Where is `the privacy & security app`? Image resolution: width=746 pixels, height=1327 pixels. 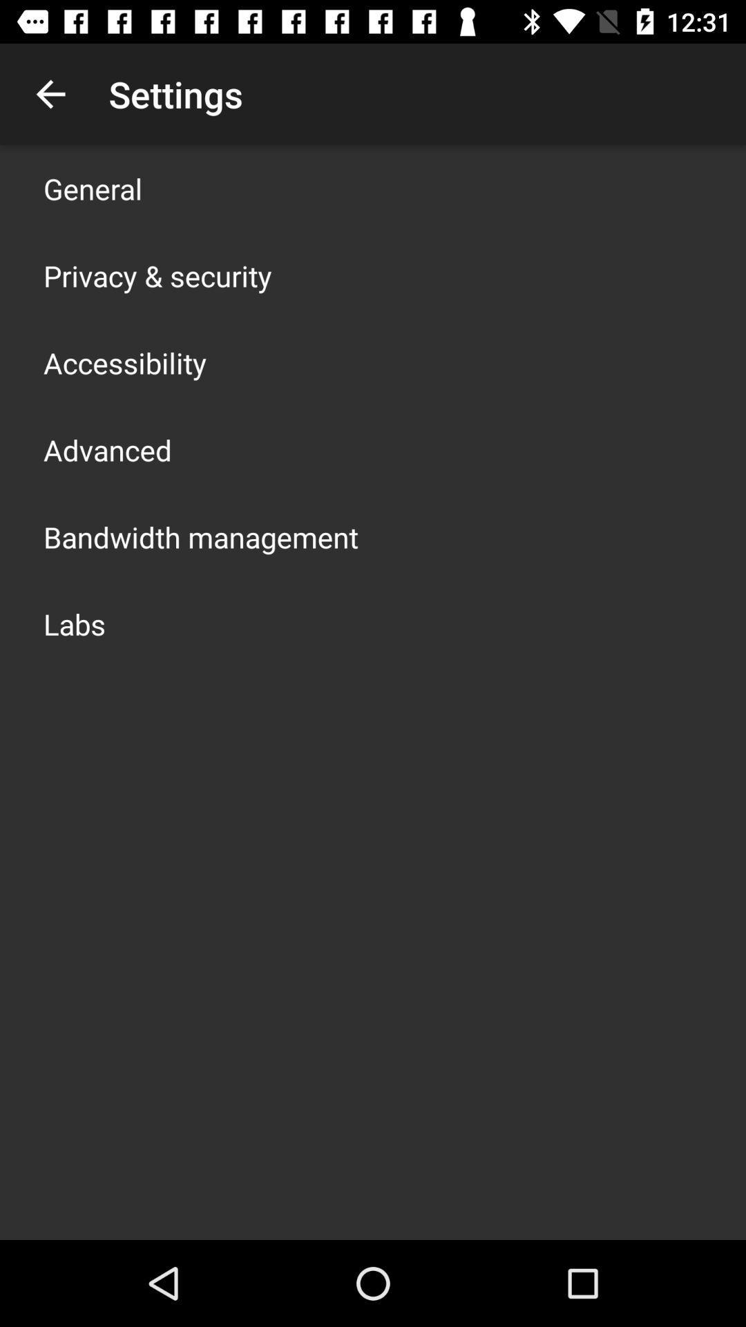
the privacy & security app is located at coordinates (157, 275).